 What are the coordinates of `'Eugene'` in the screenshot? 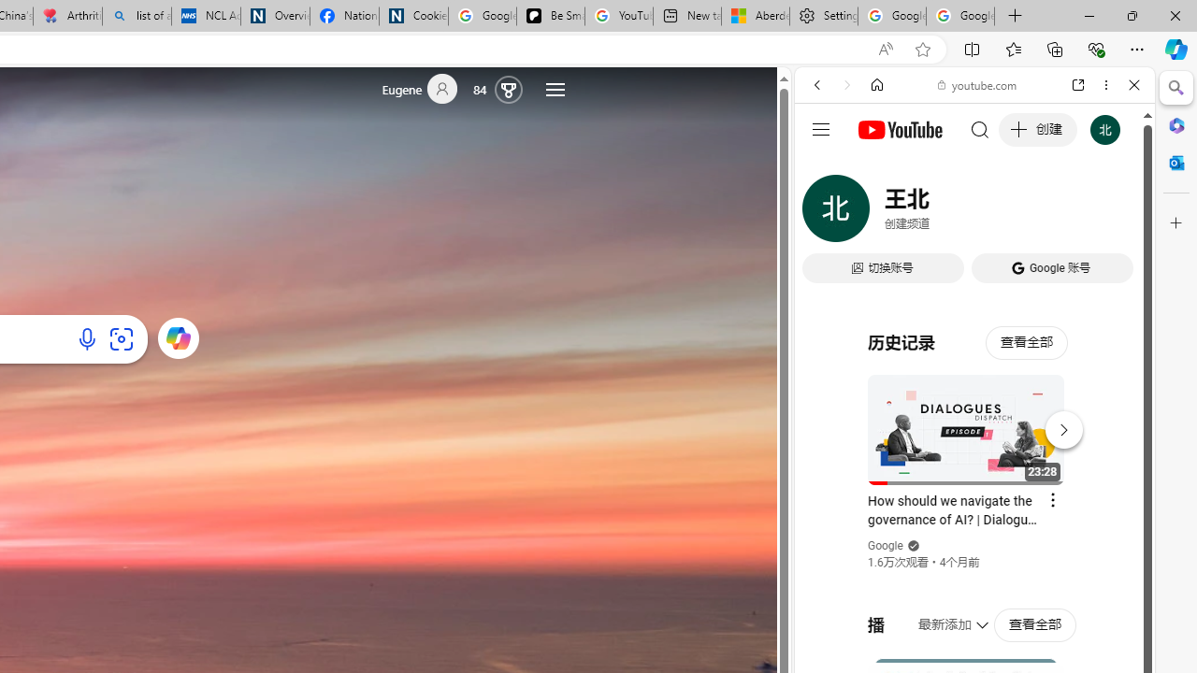 It's located at (426, 89).